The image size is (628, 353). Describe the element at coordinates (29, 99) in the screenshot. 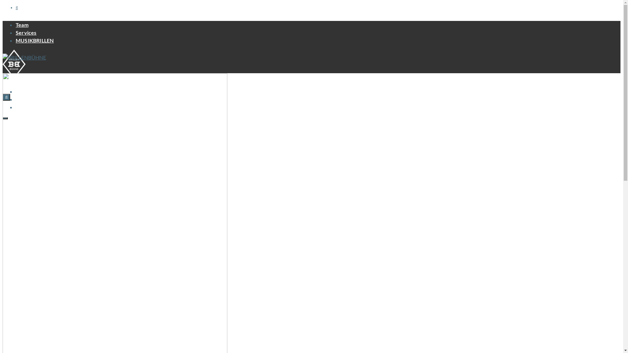

I see `'Sponsoring'` at that location.